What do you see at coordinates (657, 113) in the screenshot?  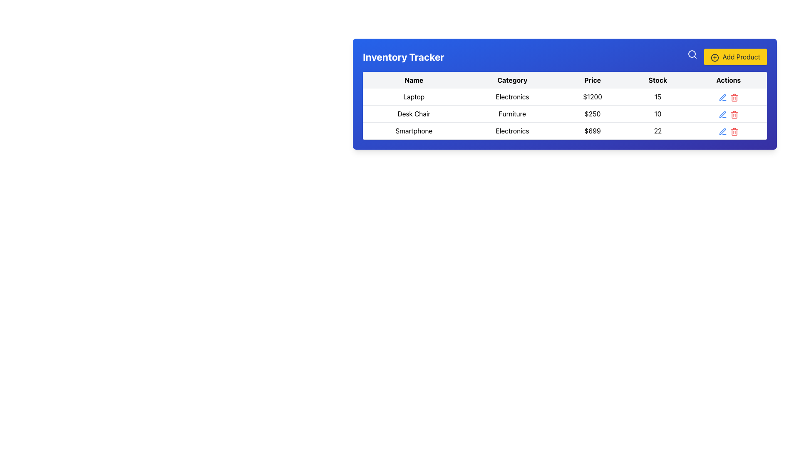 I see `the text element displaying the number '10' in the 'Stock' column of the 'Desk Chair' row in the table, which is positioned between the 'Price' column and the 'Actions' column` at bounding box center [657, 113].